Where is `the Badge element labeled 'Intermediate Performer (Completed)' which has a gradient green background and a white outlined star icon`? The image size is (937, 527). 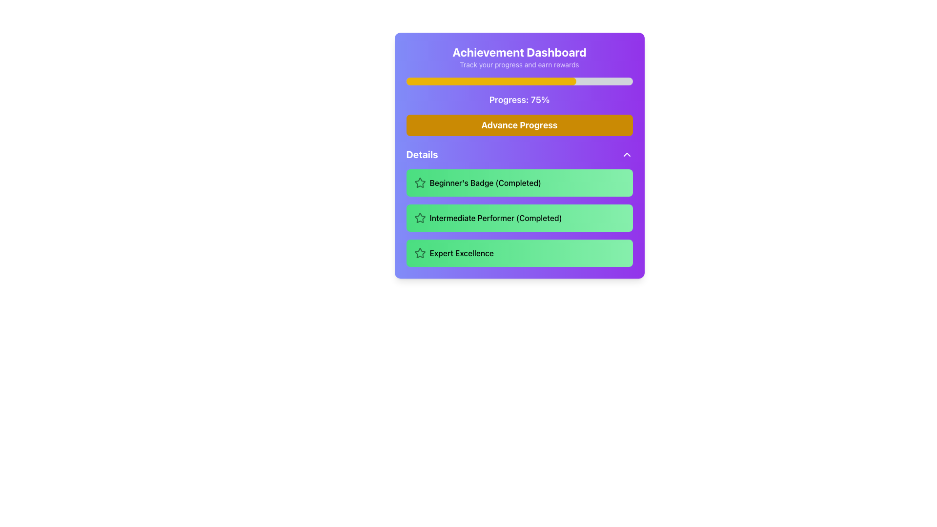
the Badge element labeled 'Intermediate Performer (Completed)' which has a gradient green background and a white outlined star icon is located at coordinates (519, 218).